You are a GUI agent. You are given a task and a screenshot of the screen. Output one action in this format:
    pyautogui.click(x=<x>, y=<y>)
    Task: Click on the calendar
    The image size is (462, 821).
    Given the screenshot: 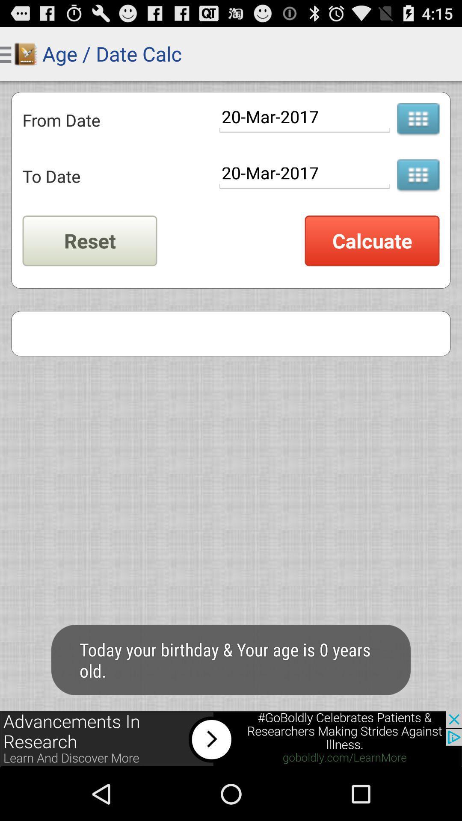 What is the action you would take?
    pyautogui.click(x=418, y=119)
    